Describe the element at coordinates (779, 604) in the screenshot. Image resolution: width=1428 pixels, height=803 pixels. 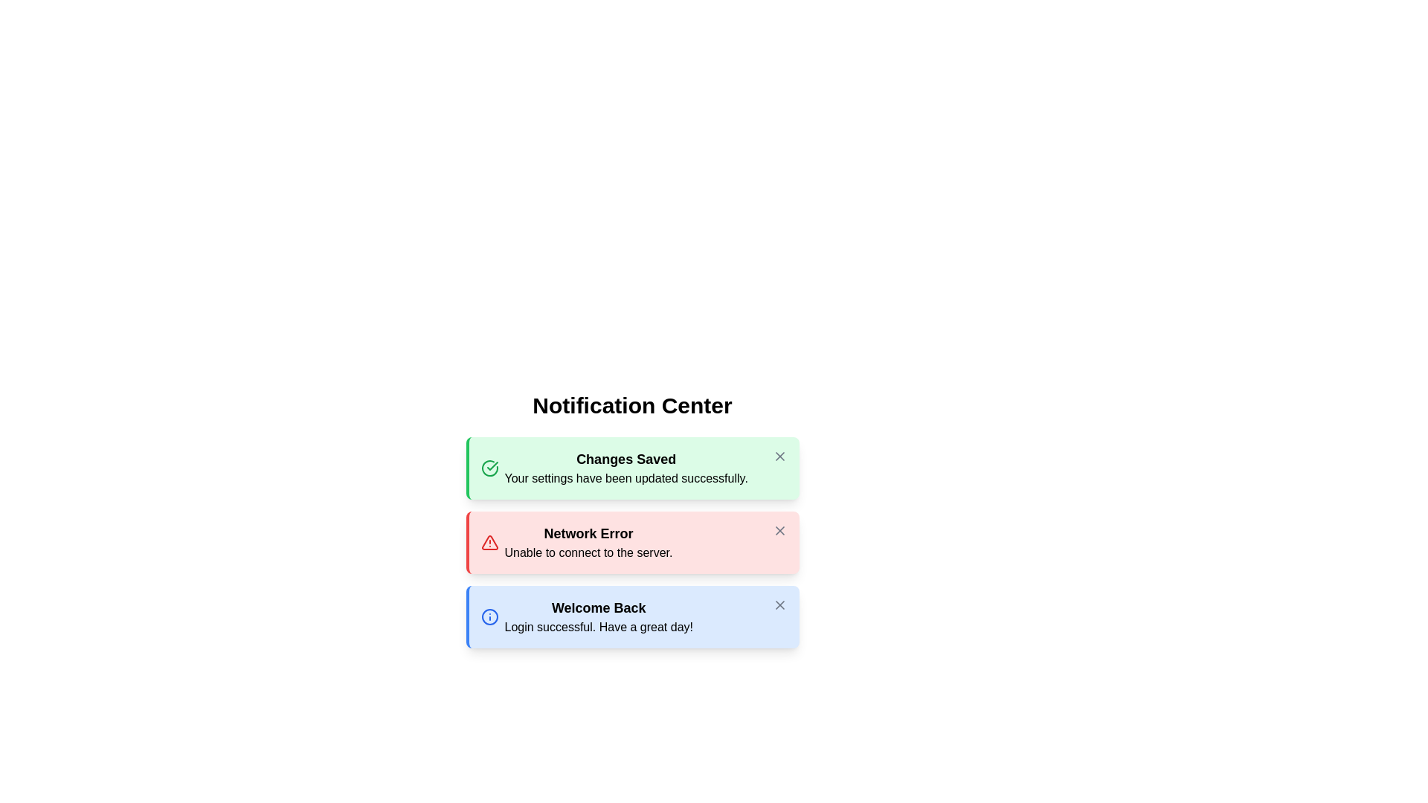
I see `the close icon button located at the top-right corner of the blue notification card` at that location.